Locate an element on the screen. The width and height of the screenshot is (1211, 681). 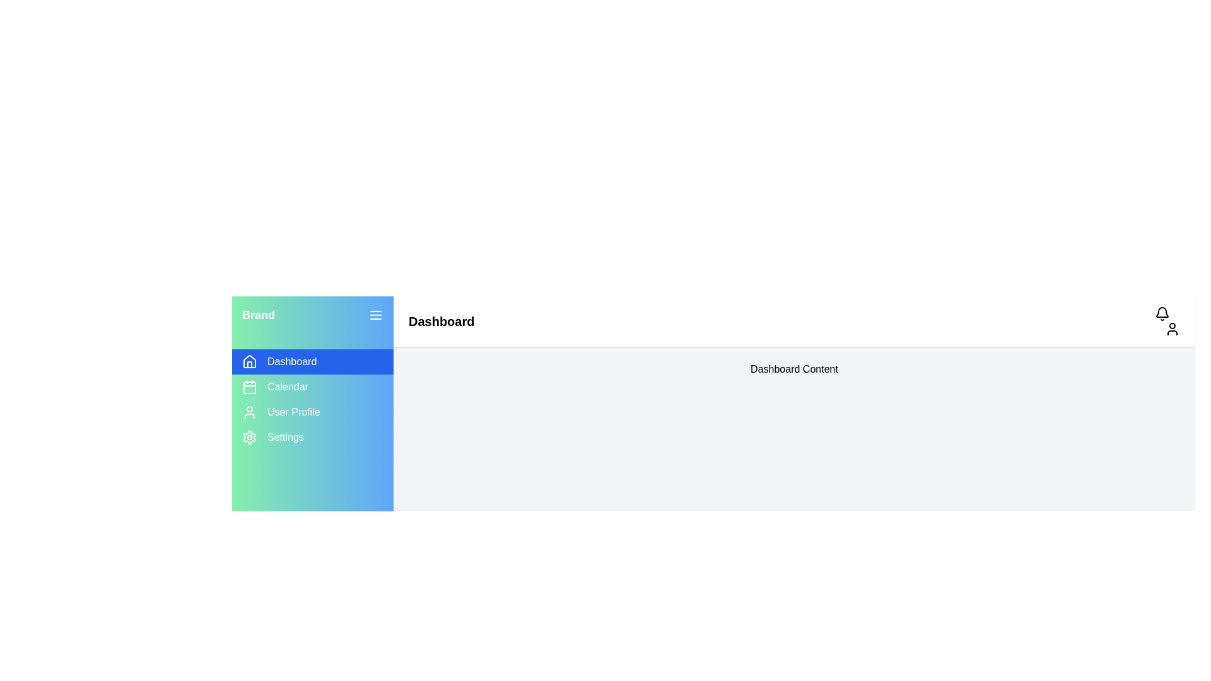
the 'Dashboard' icon in the left sidebar, which visually represents the active page of the application is located at coordinates (249, 361).